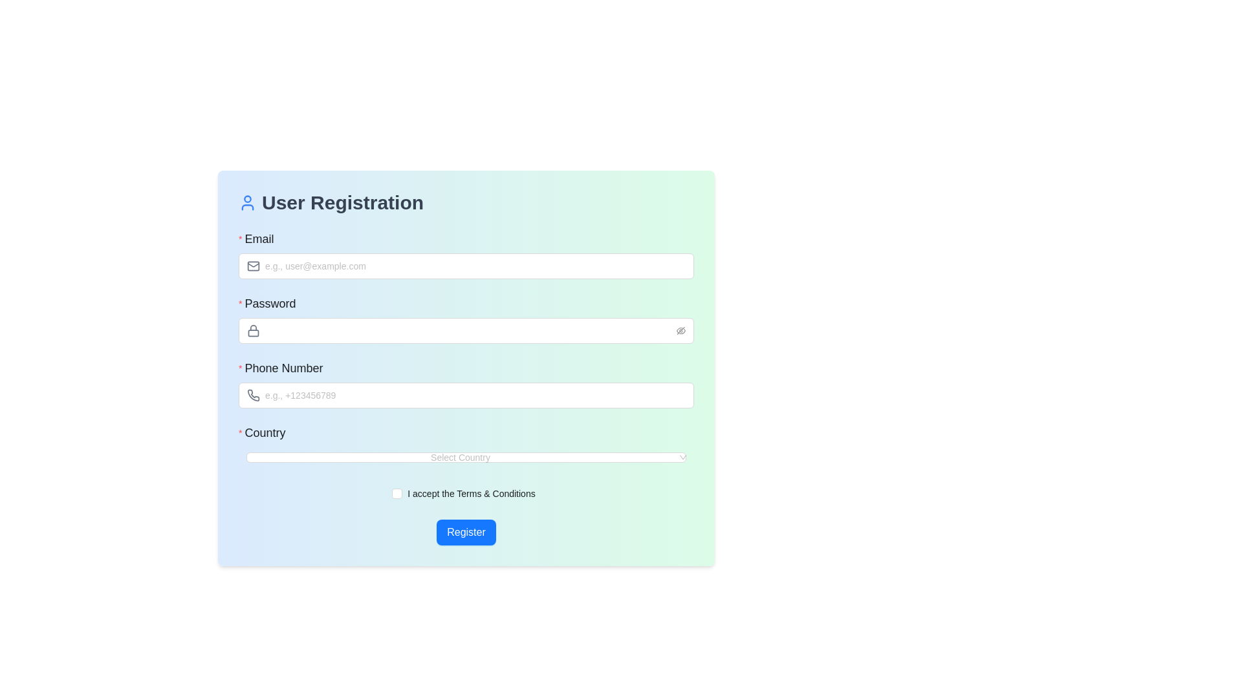  I want to click on the blue circular SVG icon representing an individual, located near the top-left corner of the user registration form, adjacent to the 'User Registration' header text, so click(248, 199).